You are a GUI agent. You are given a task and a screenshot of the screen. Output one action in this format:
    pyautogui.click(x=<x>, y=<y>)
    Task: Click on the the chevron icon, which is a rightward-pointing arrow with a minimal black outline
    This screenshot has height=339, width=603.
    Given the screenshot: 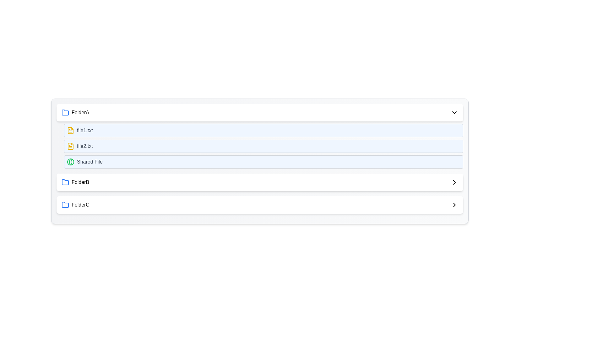 What is the action you would take?
    pyautogui.click(x=454, y=182)
    